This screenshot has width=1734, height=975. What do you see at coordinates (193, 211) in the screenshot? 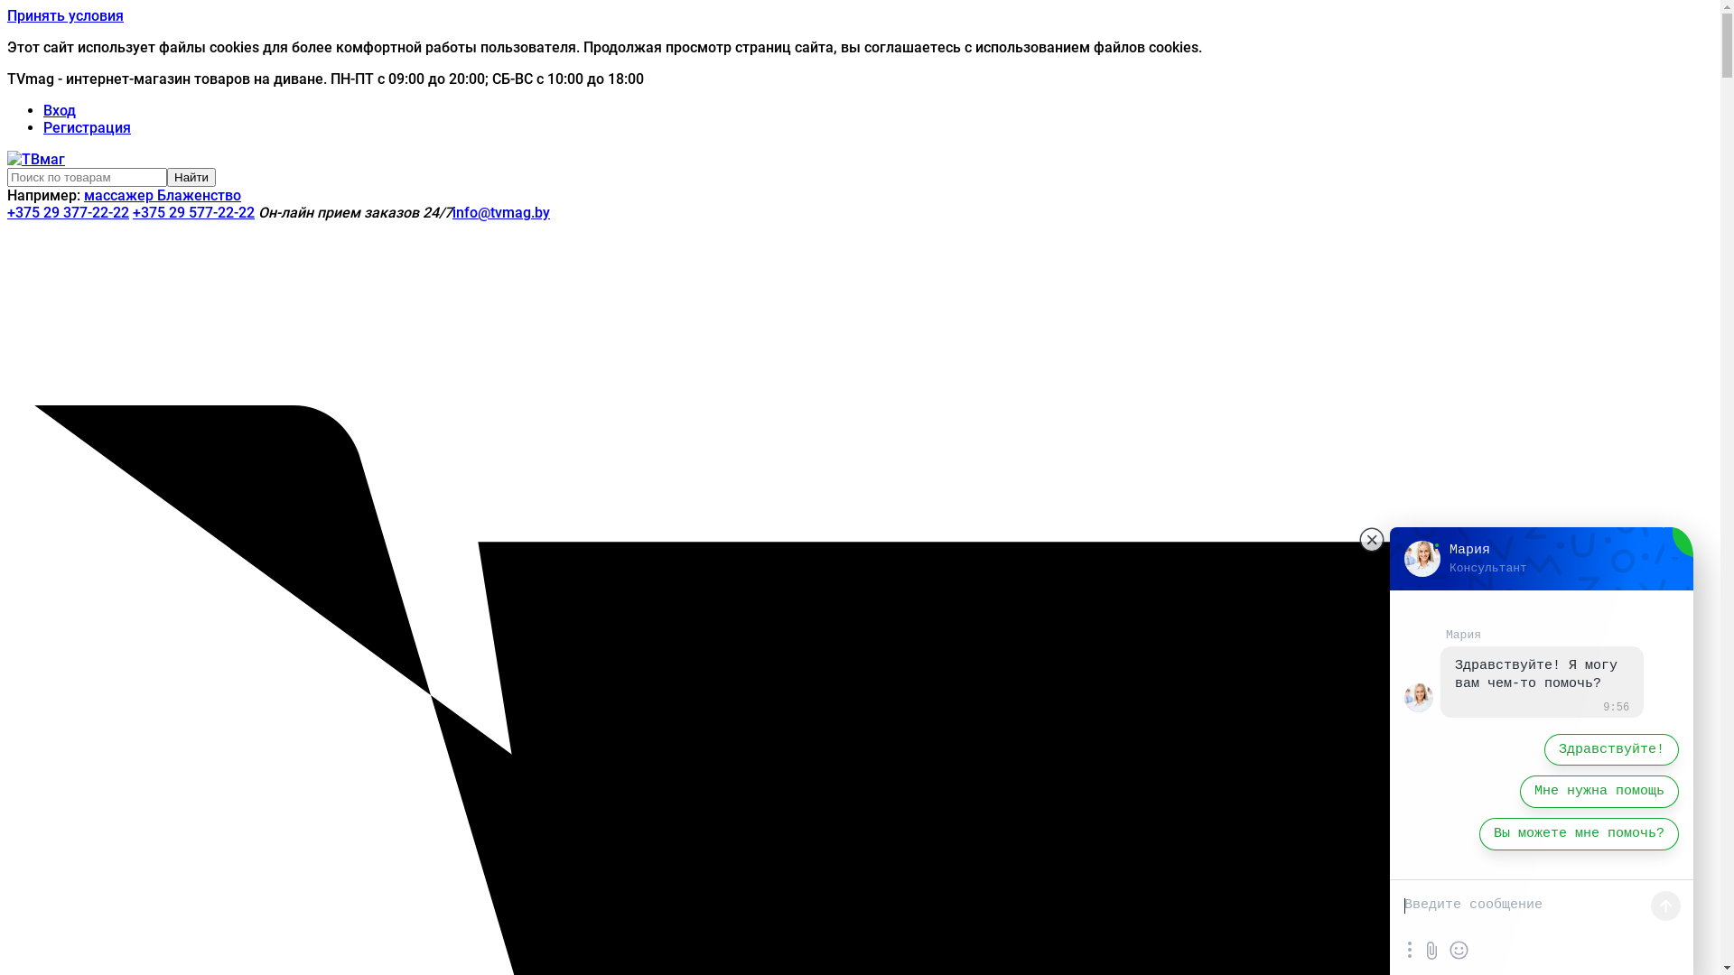
I see `'+375 29 577-22-22'` at bounding box center [193, 211].